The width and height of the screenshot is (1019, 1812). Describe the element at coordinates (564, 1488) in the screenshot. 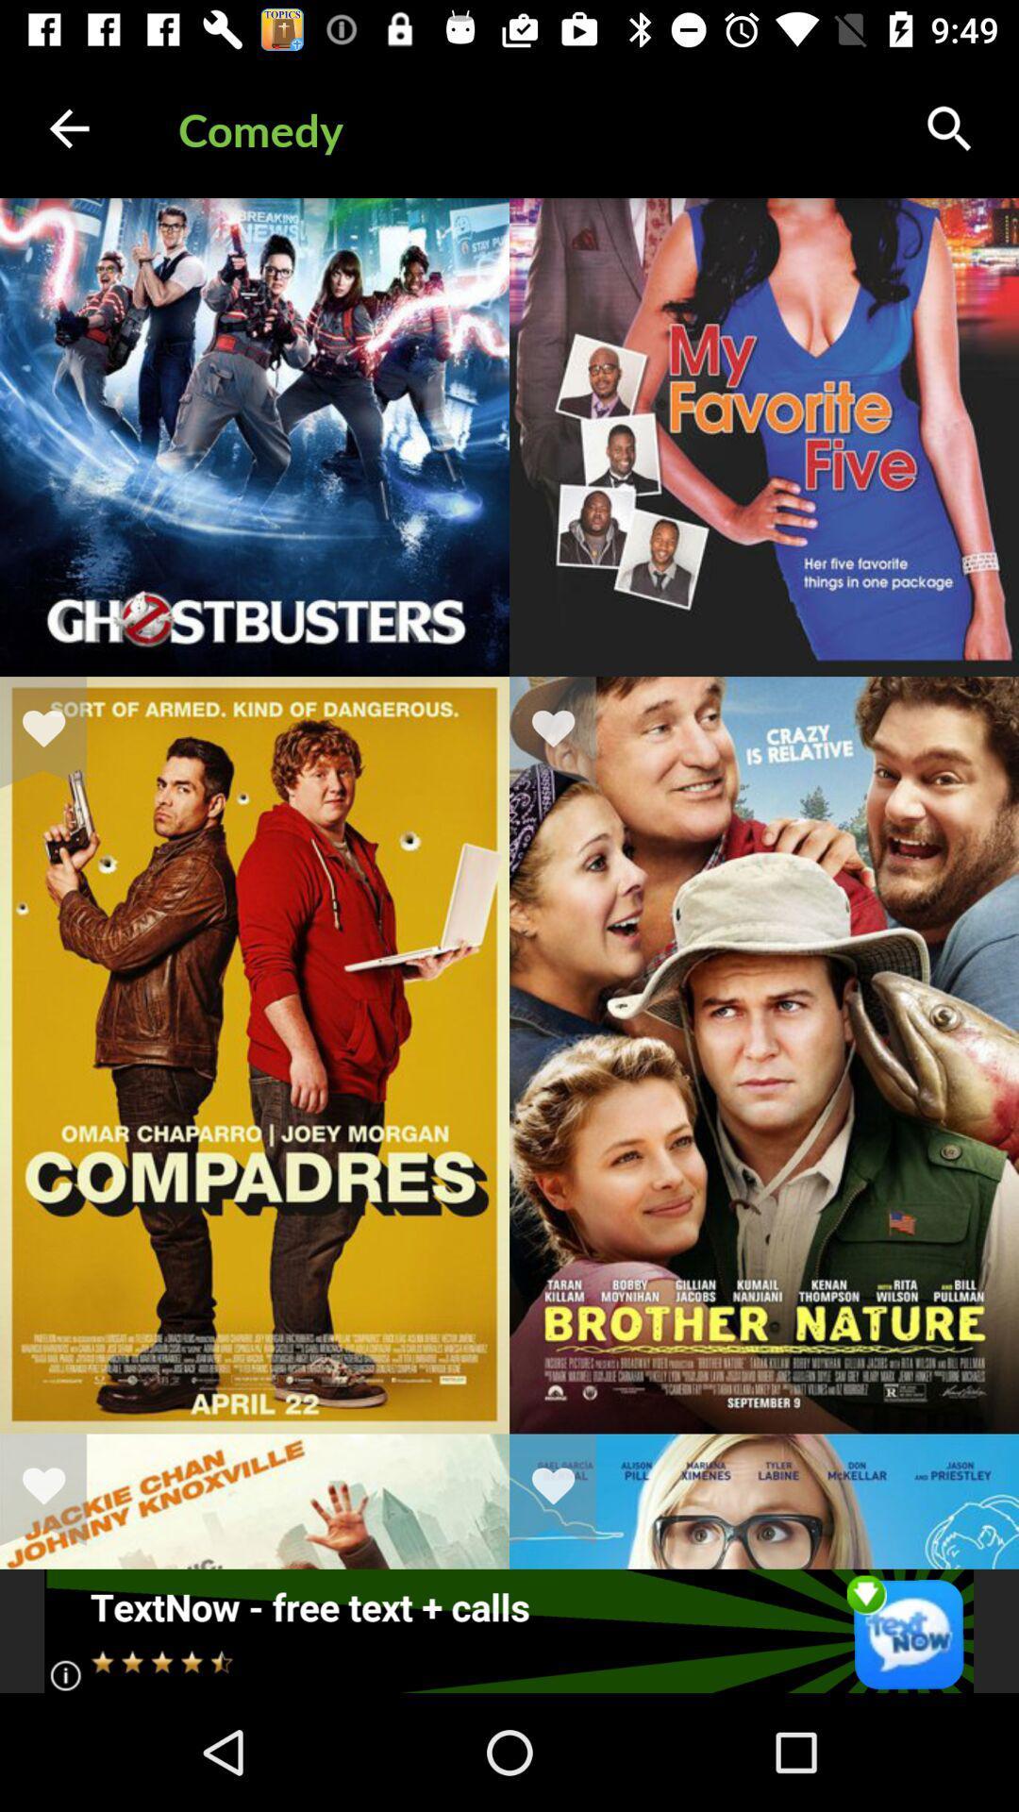

I see `like a movie` at that location.